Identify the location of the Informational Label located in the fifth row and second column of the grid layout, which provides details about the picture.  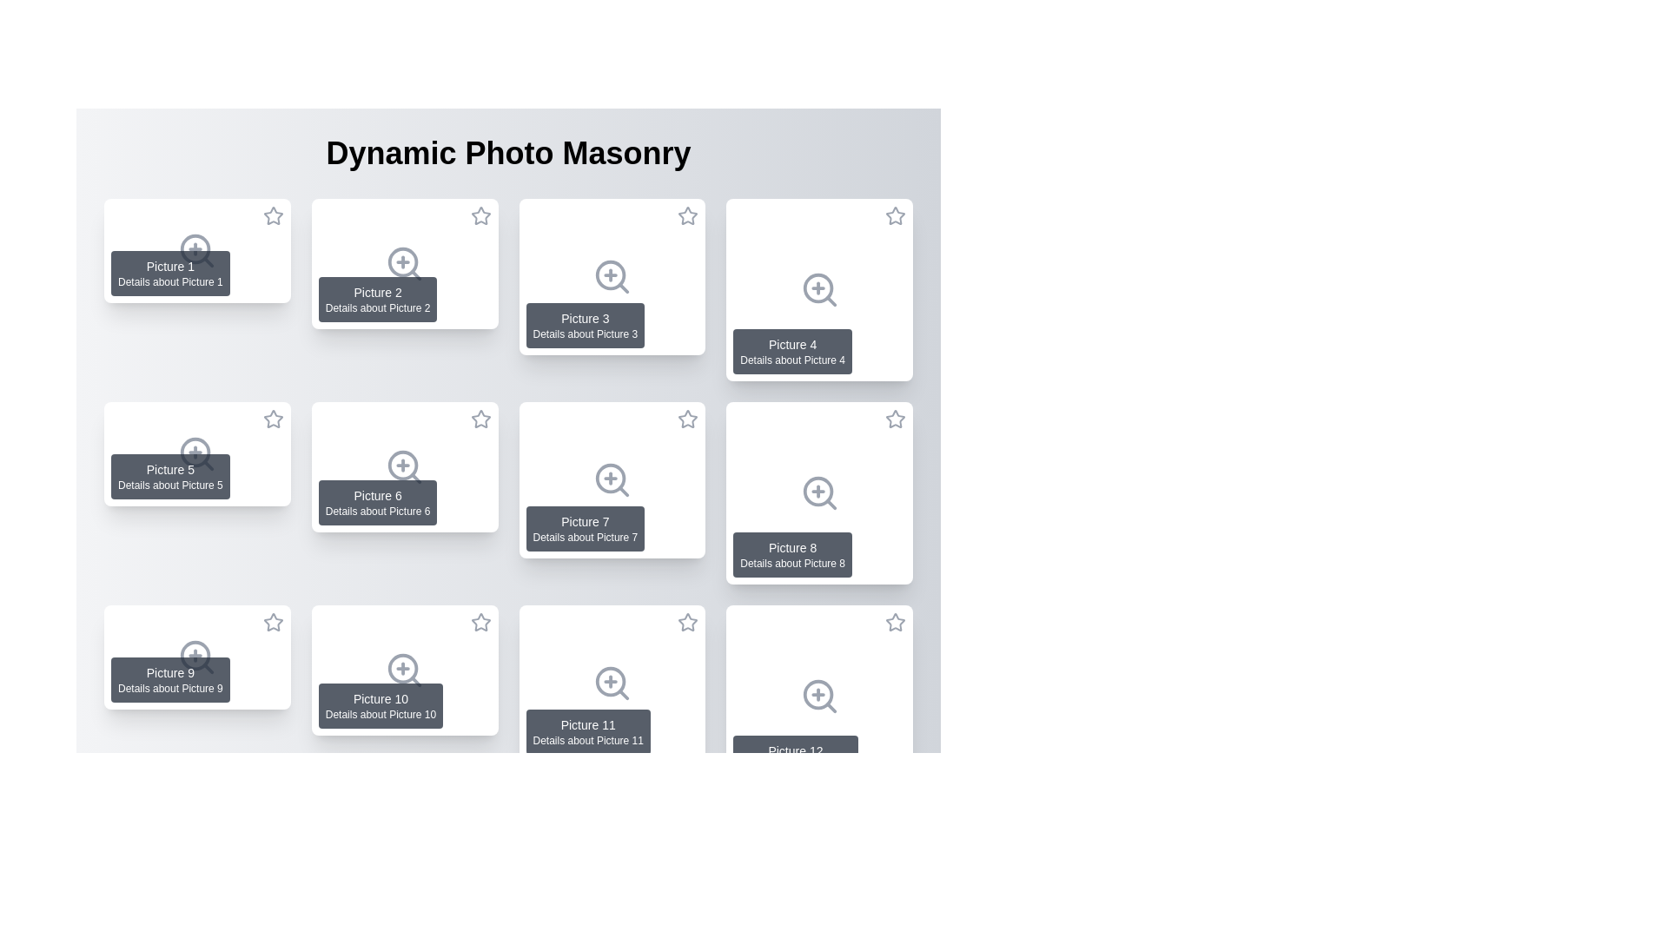
(380, 706).